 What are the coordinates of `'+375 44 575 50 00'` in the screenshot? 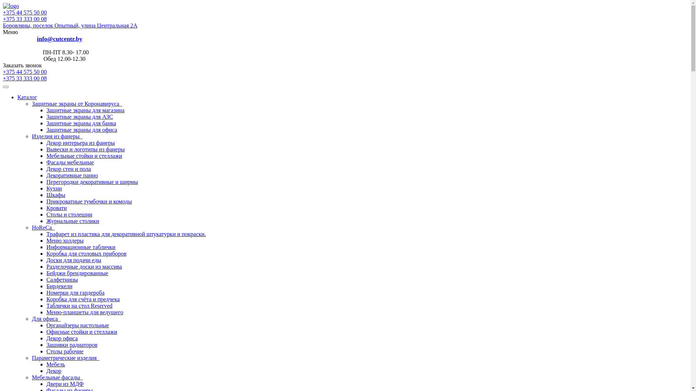 It's located at (345, 72).